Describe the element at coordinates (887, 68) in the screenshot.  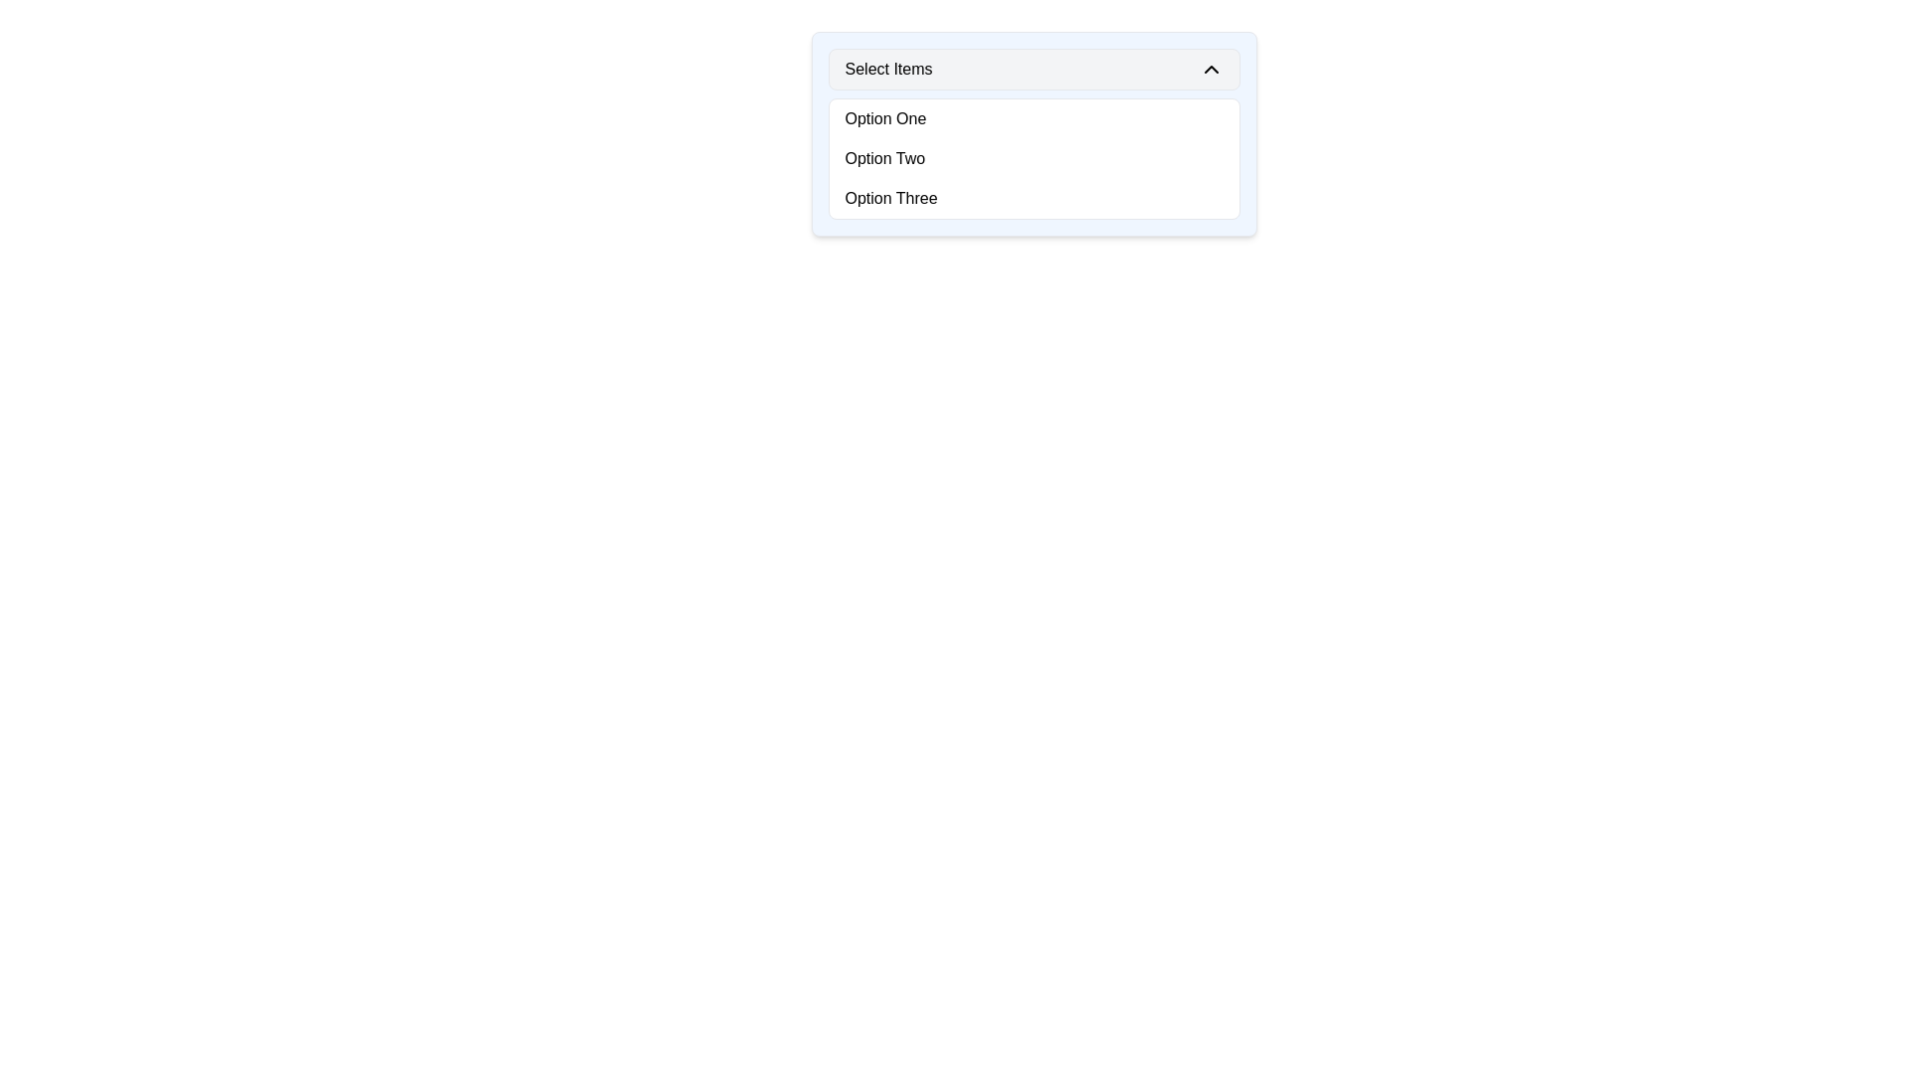
I see `the text label 'Select Items' which indicates the currently selected category in the dropdown menu header` at that location.